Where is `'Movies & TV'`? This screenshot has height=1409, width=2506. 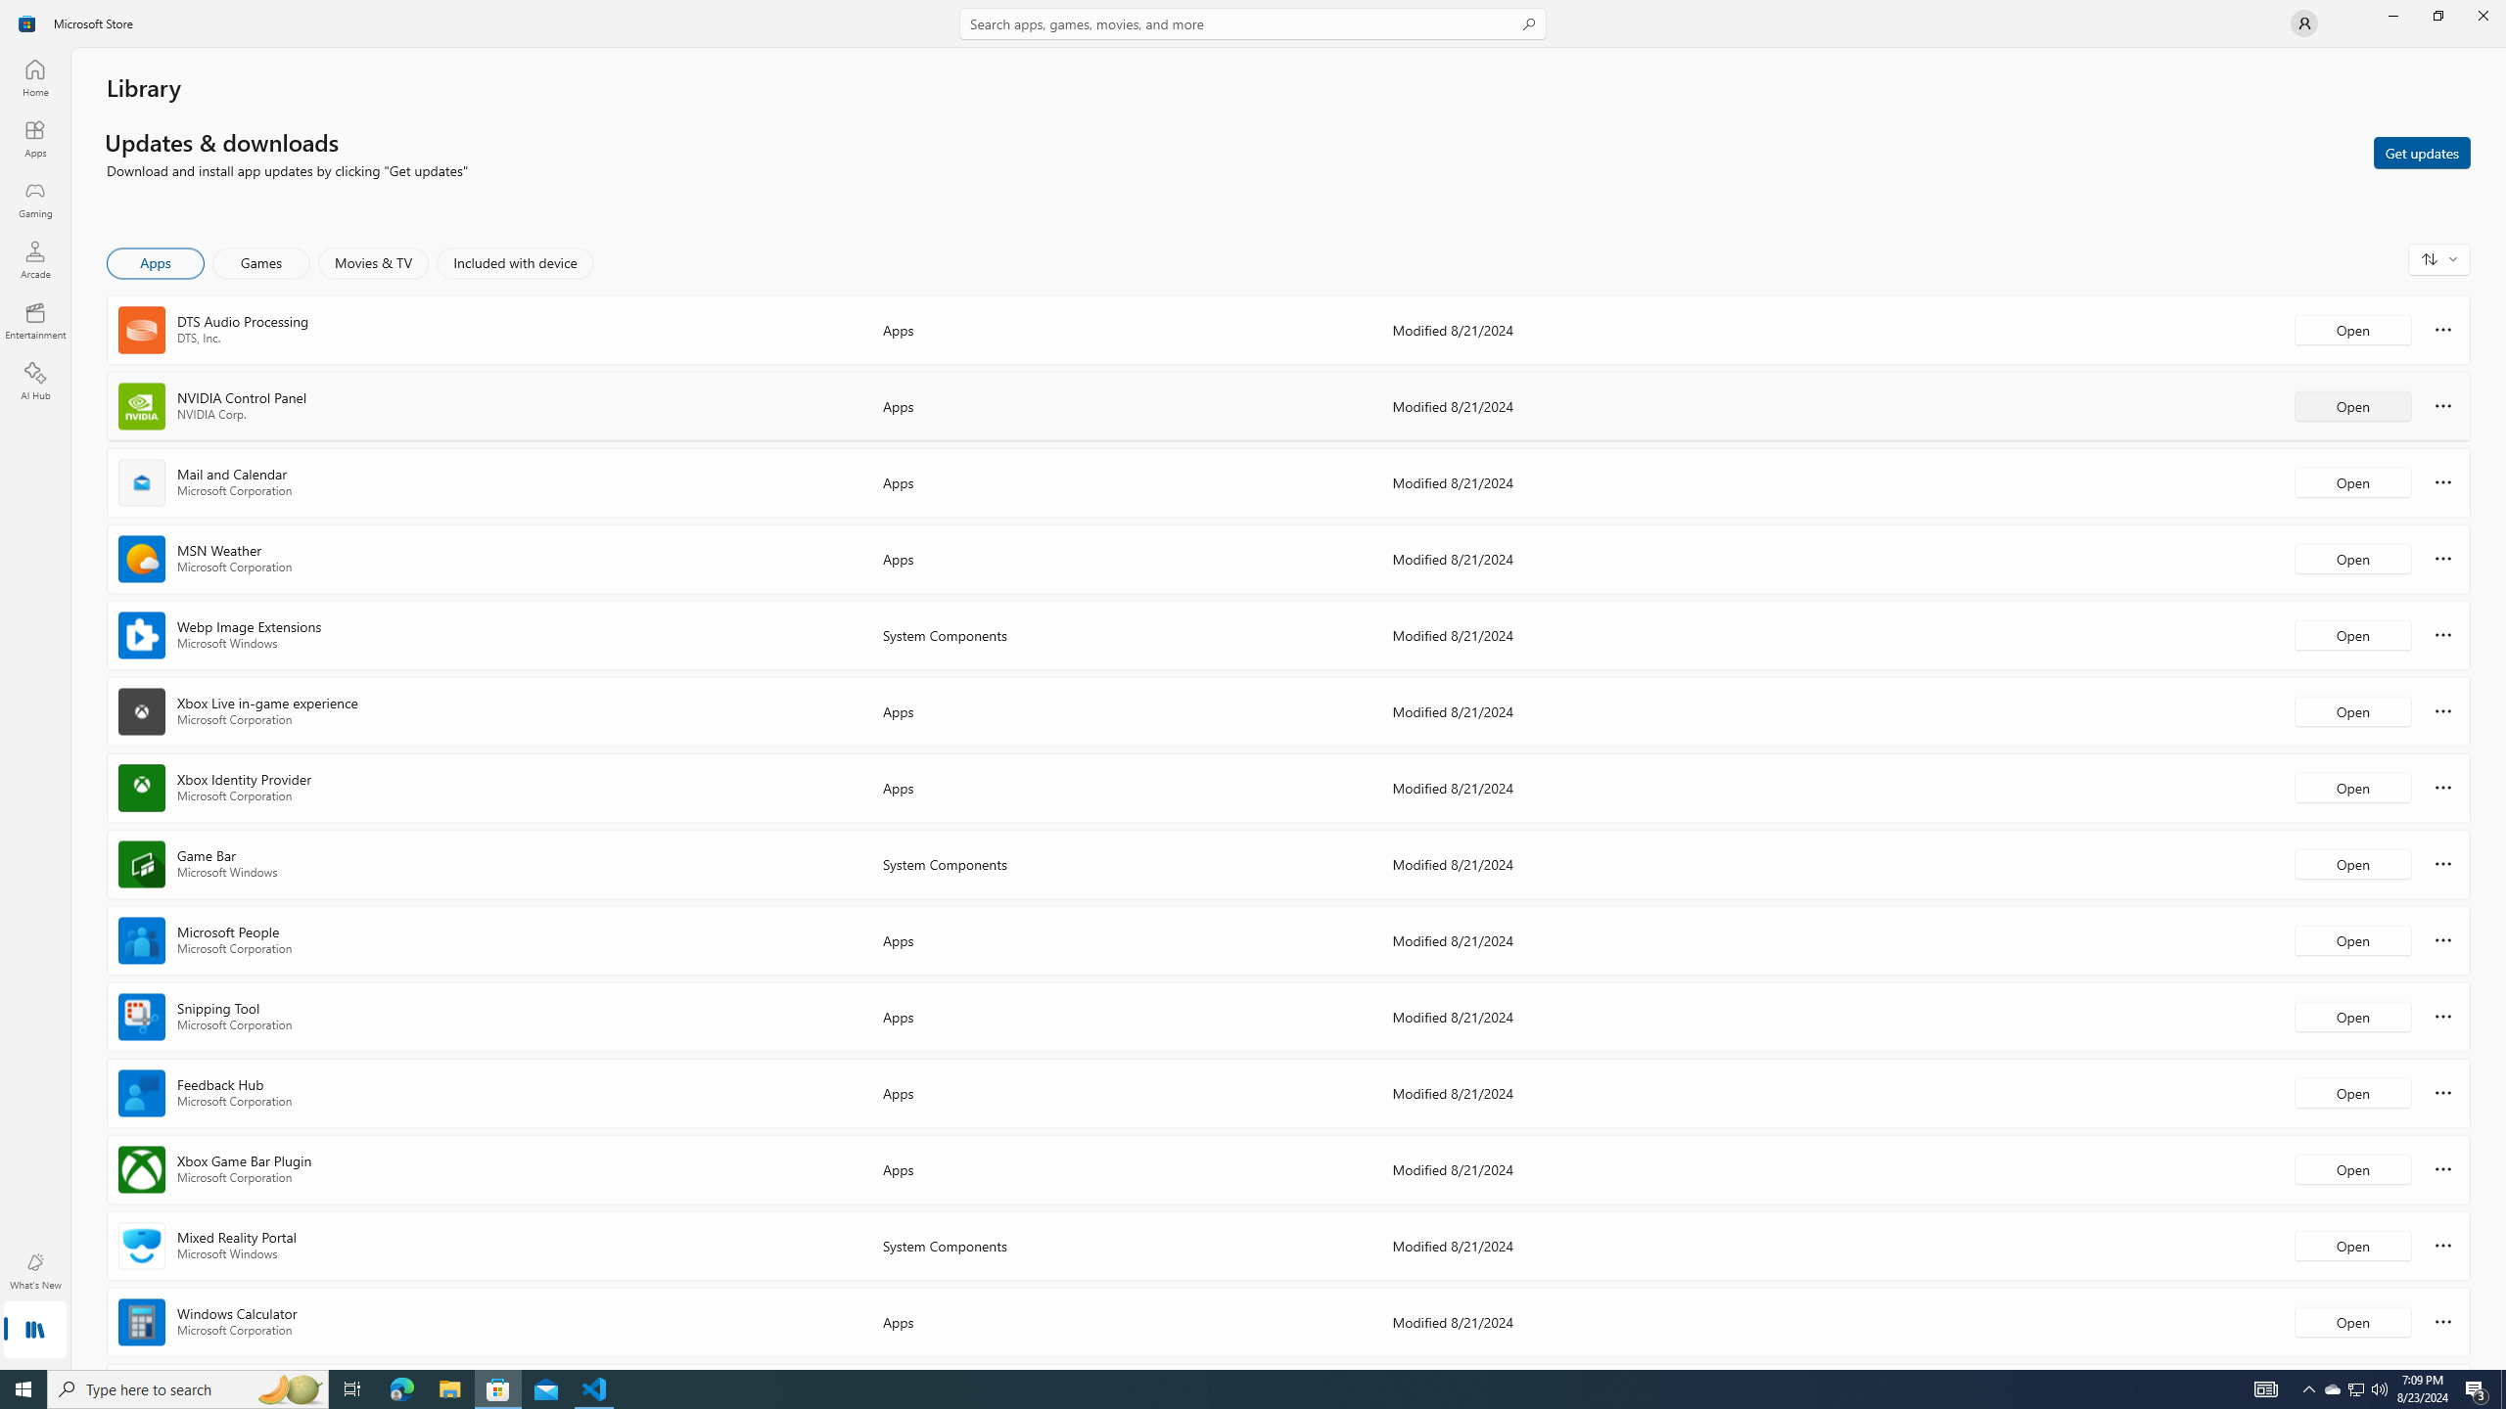
'Movies & TV' is located at coordinates (372, 262).